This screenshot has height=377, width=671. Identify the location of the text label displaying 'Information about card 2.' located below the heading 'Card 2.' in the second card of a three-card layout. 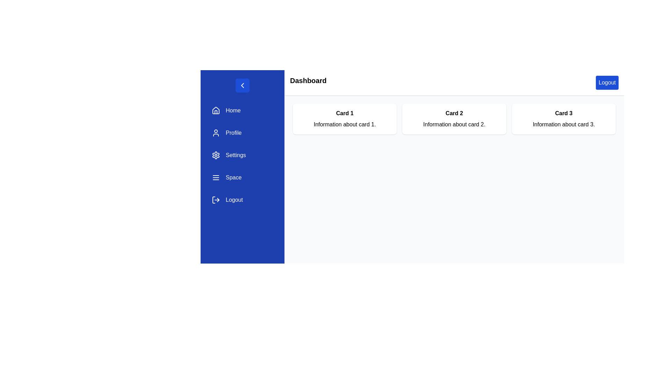
(454, 124).